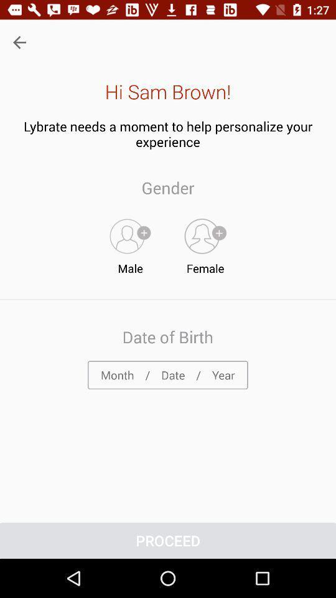  Describe the element at coordinates (167, 374) in the screenshot. I see `item above the proceed icon` at that location.